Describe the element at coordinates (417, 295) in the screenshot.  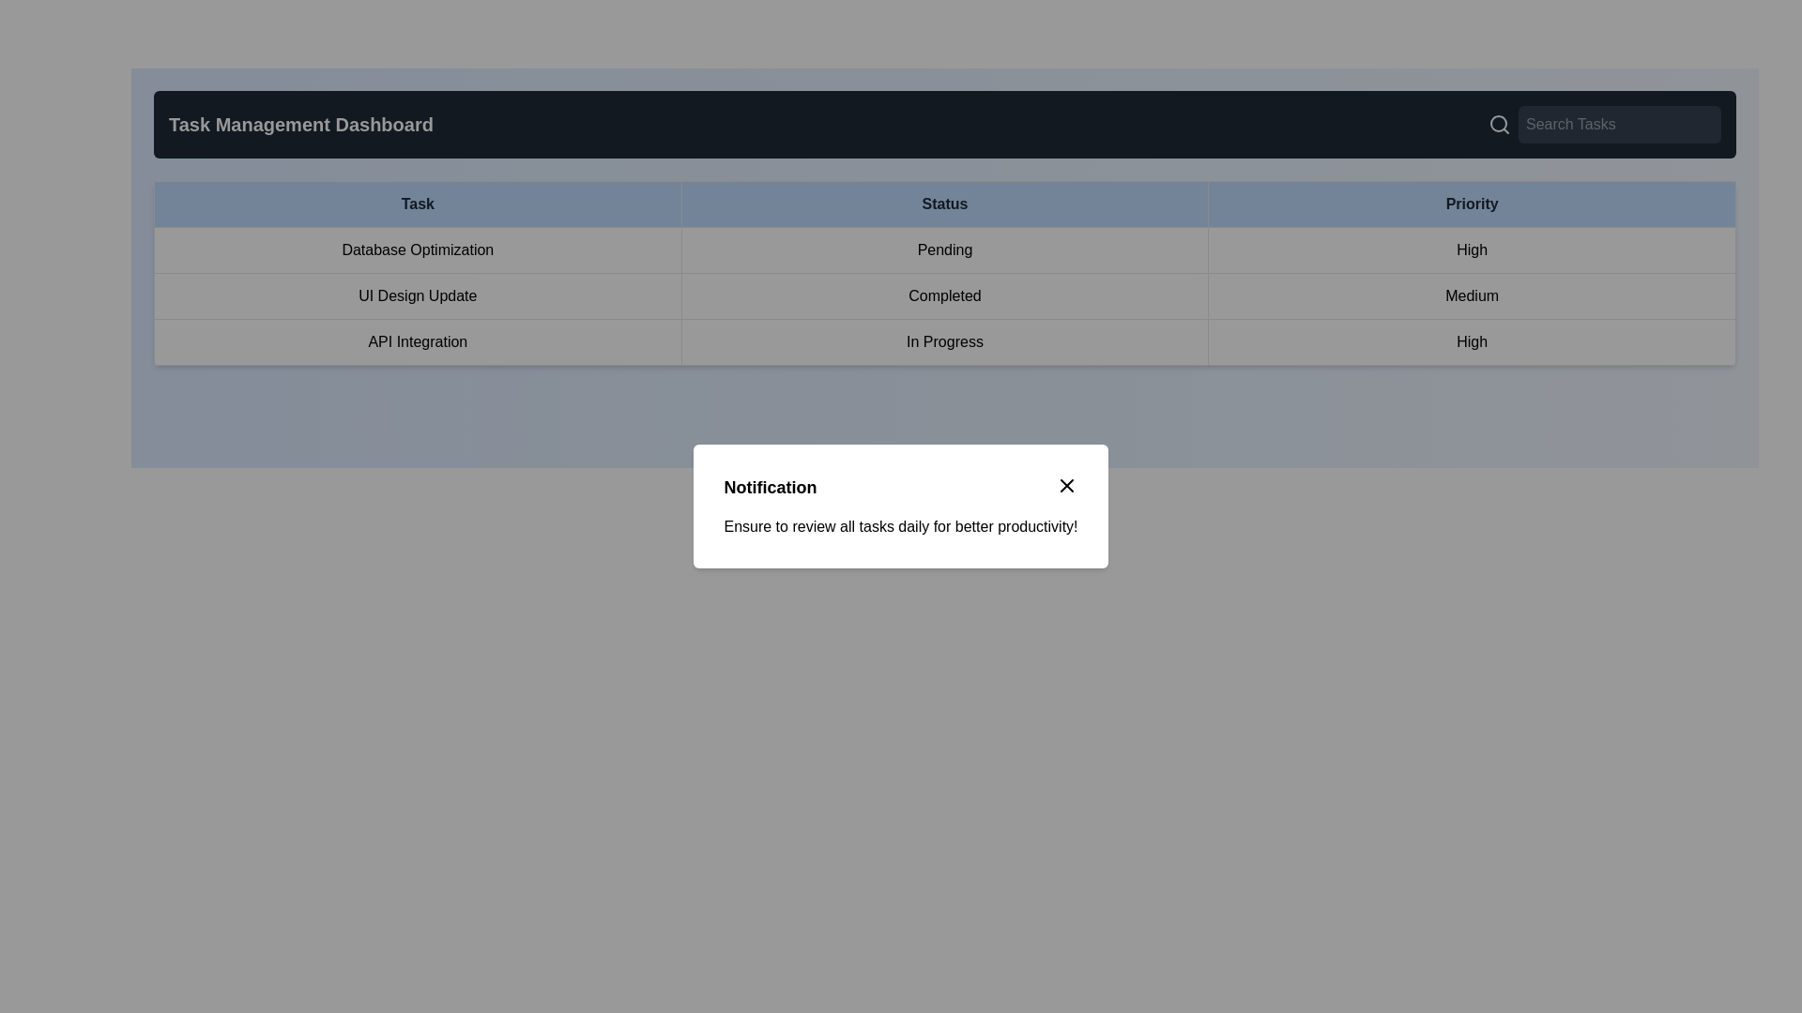
I see `displayed text in the Text Display Field representing 'UI Design Update' located in the second row of the Task Management Dashboard table` at that location.